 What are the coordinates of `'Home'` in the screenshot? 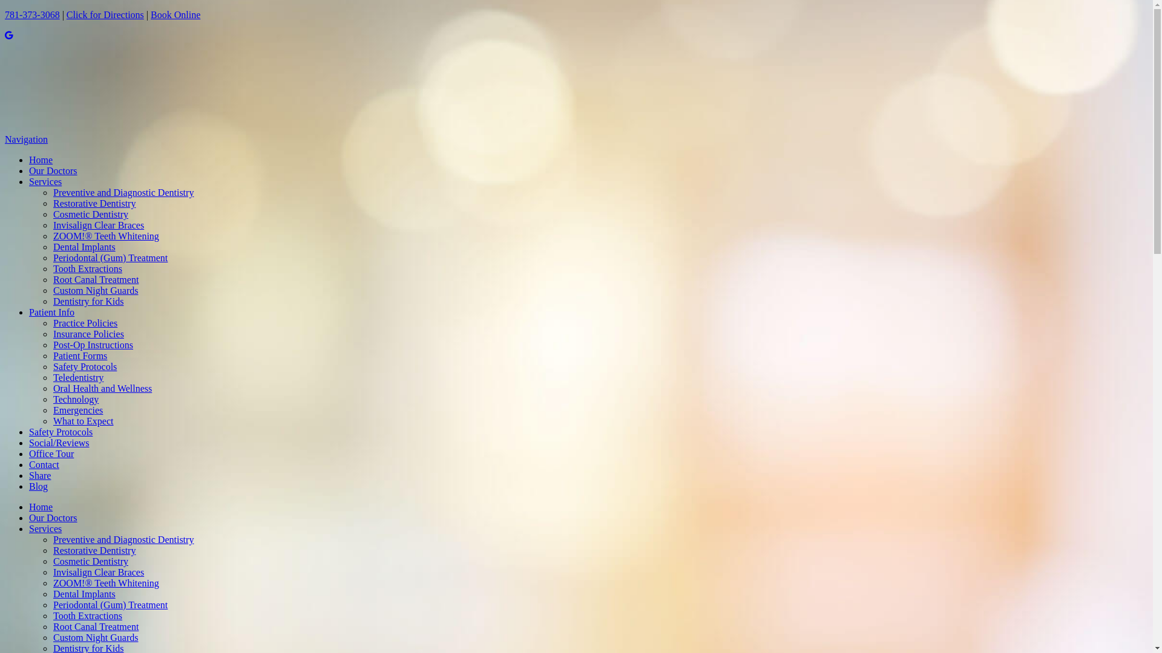 It's located at (41, 159).